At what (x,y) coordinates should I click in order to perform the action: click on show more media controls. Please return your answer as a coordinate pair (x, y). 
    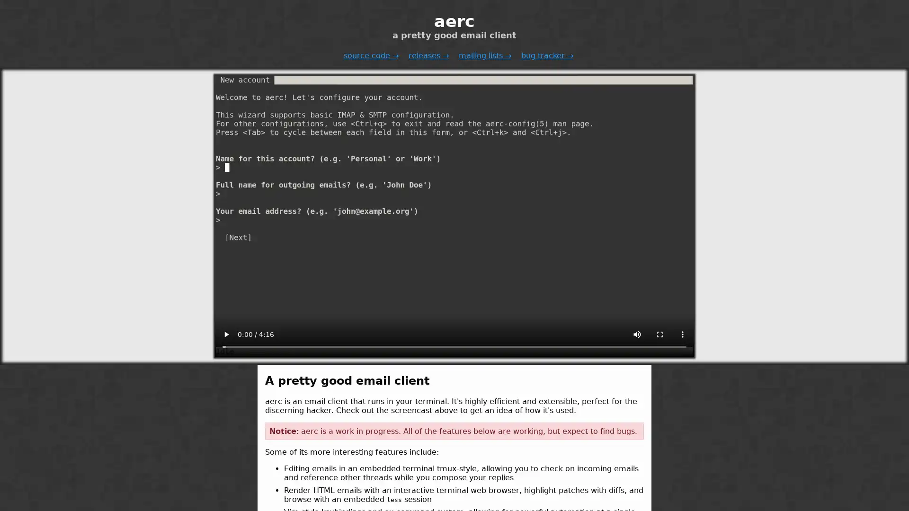
    Looking at the image, I should click on (682, 334).